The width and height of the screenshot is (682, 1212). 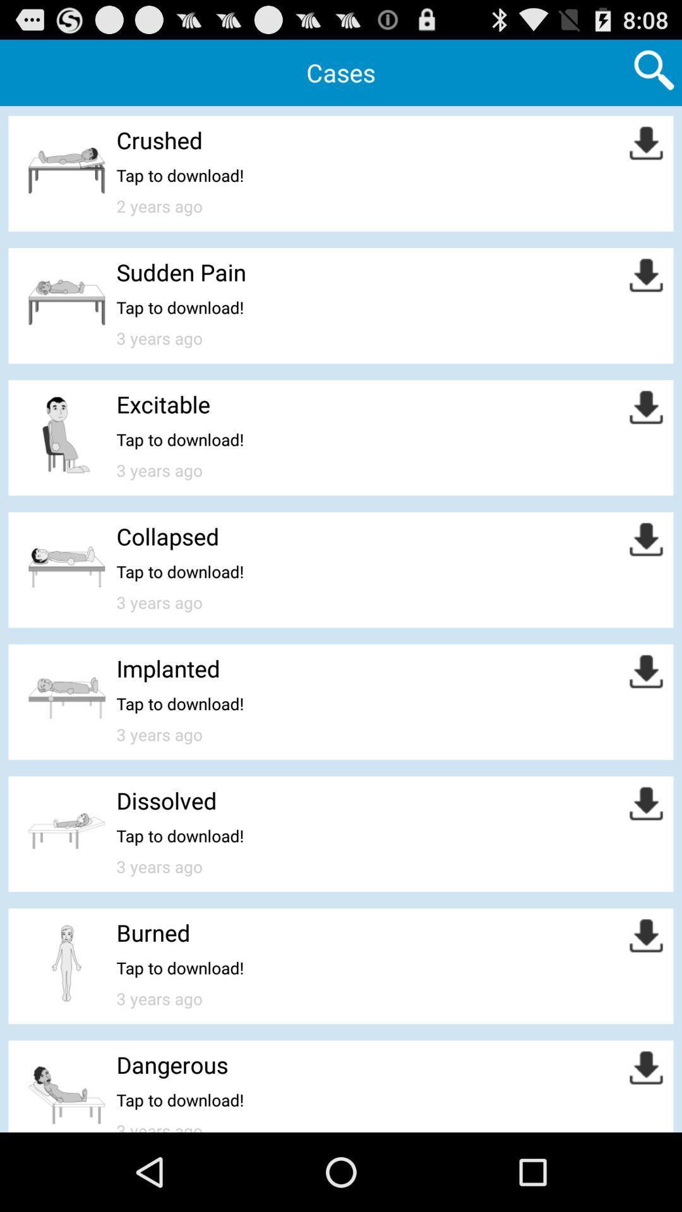 What do you see at coordinates (167, 536) in the screenshot?
I see `icon above the tap to download!` at bounding box center [167, 536].